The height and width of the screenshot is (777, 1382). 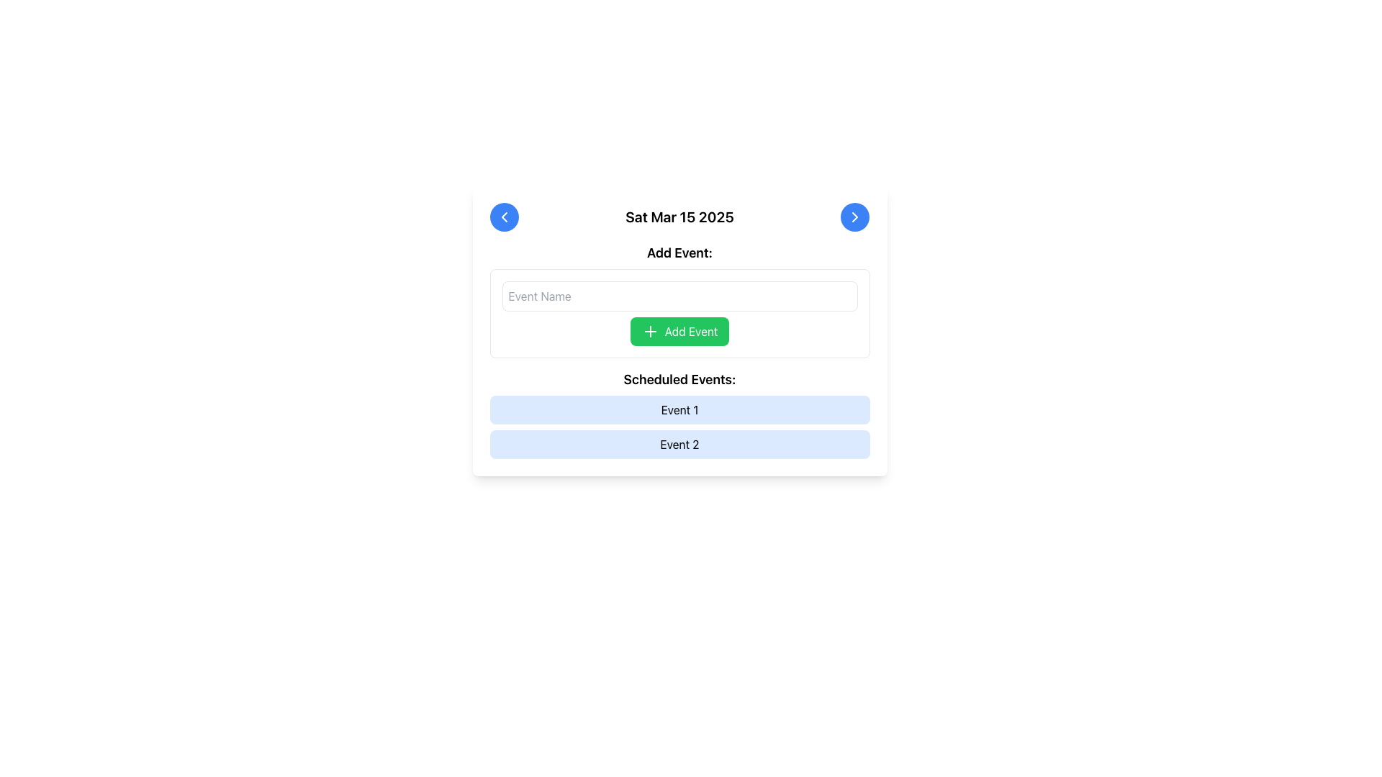 What do you see at coordinates (679, 414) in the screenshot?
I see `the Grouped Text Display element` at bounding box center [679, 414].